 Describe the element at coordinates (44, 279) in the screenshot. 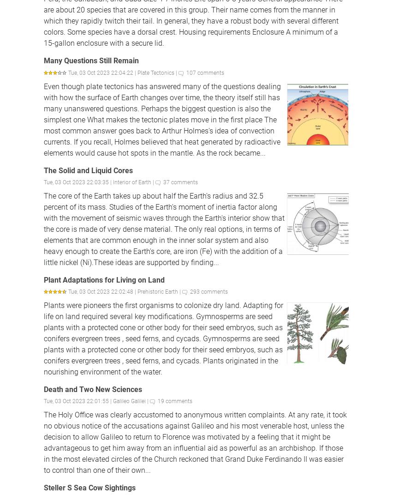

I see `'Plant Adaptations for Living on Land'` at that location.